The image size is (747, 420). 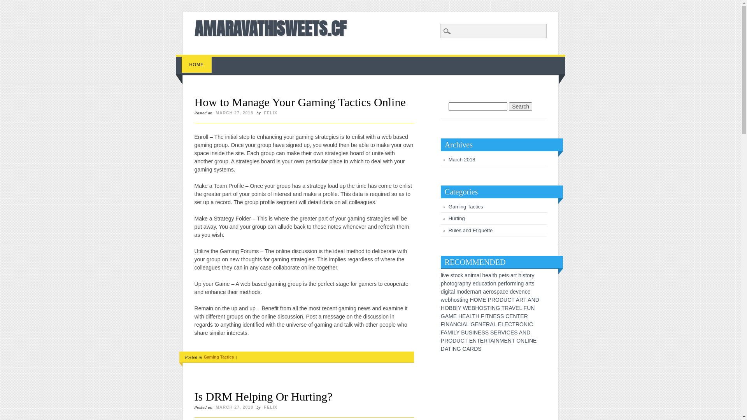 What do you see at coordinates (456, 275) in the screenshot?
I see `'o'` at bounding box center [456, 275].